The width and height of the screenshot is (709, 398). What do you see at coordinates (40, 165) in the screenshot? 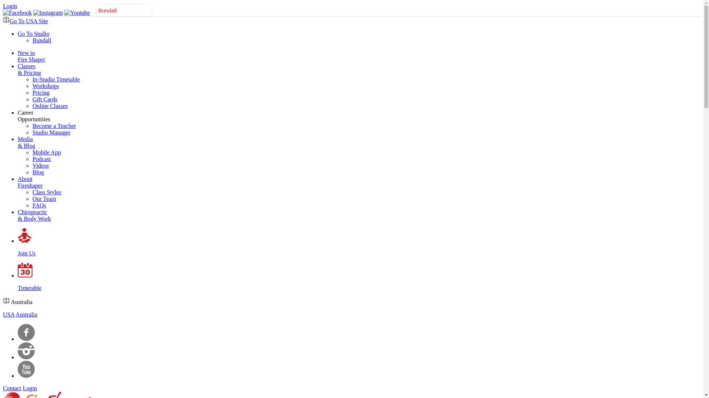
I see `'Videos'` at bounding box center [40, 165].